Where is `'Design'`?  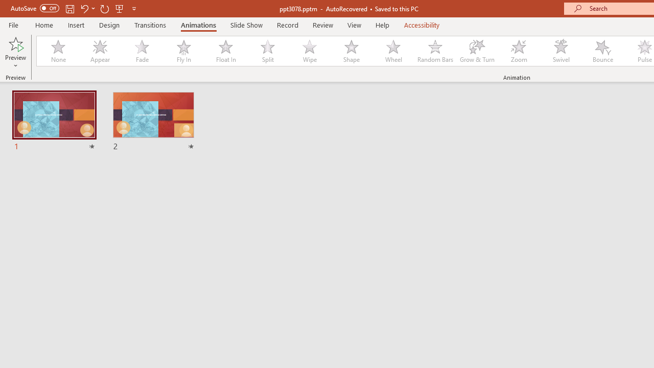 'Design' is located at coordinates (109, 25).